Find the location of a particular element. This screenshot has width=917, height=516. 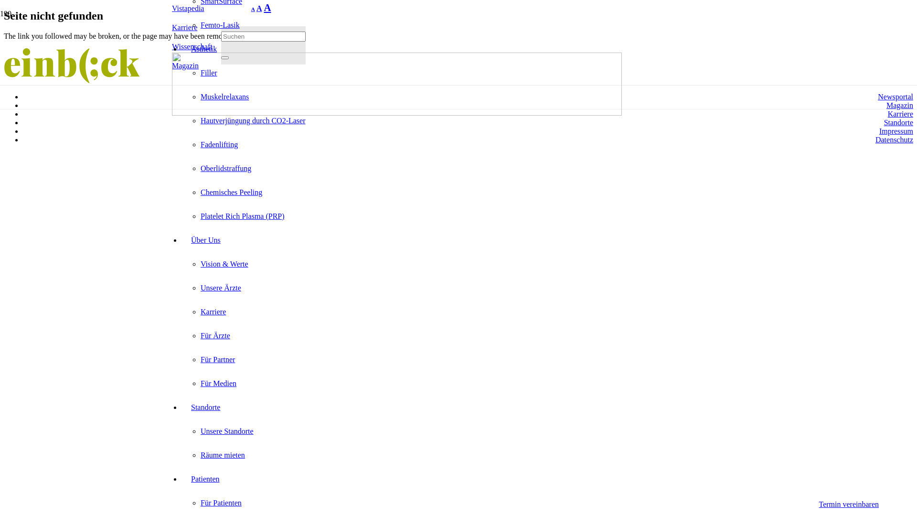

'Vistapedia' is located at coordinates (172, 8).